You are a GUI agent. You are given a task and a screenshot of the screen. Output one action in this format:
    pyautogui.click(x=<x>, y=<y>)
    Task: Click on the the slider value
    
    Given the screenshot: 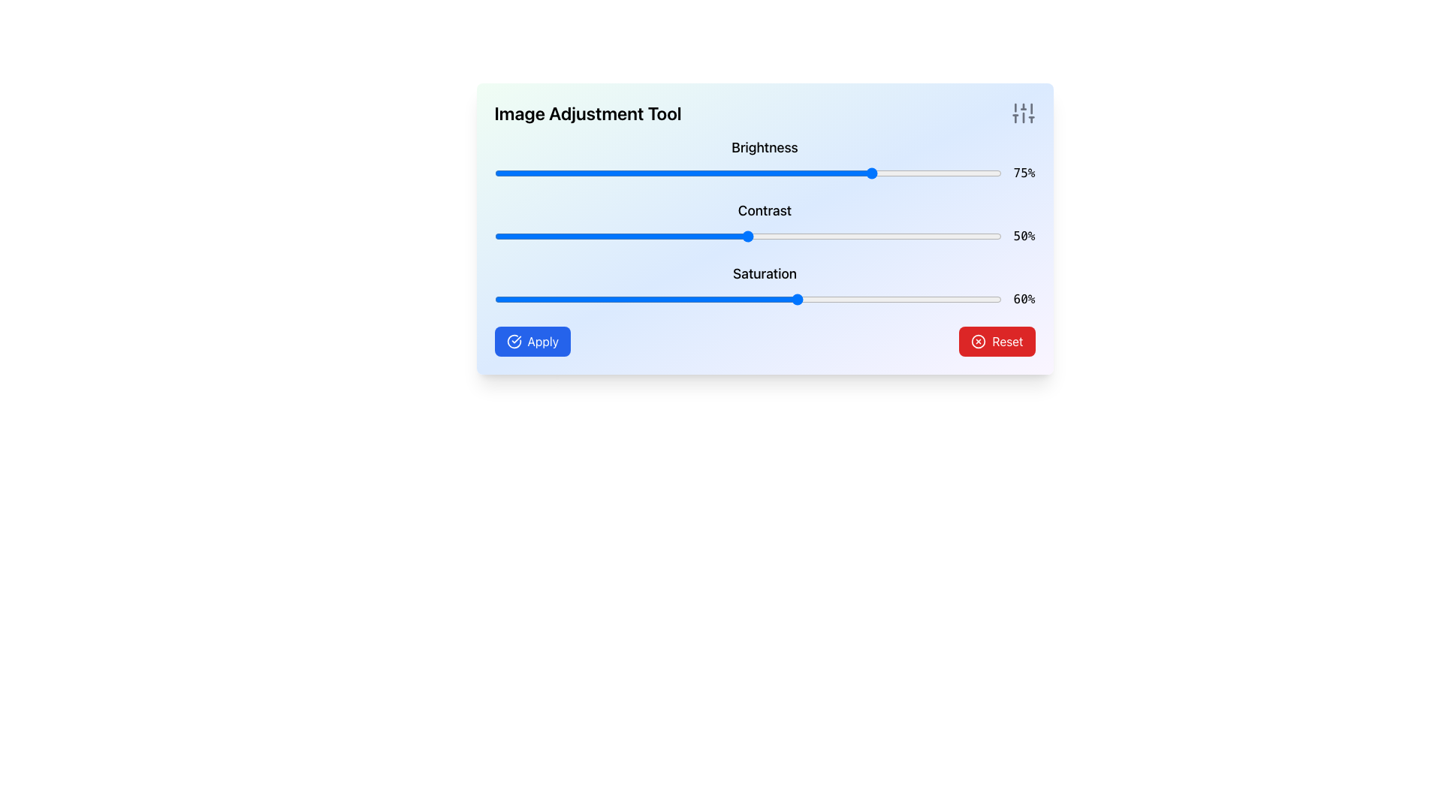 What is the action you would take?
    pyautogui.click(x=529, y=299)
    